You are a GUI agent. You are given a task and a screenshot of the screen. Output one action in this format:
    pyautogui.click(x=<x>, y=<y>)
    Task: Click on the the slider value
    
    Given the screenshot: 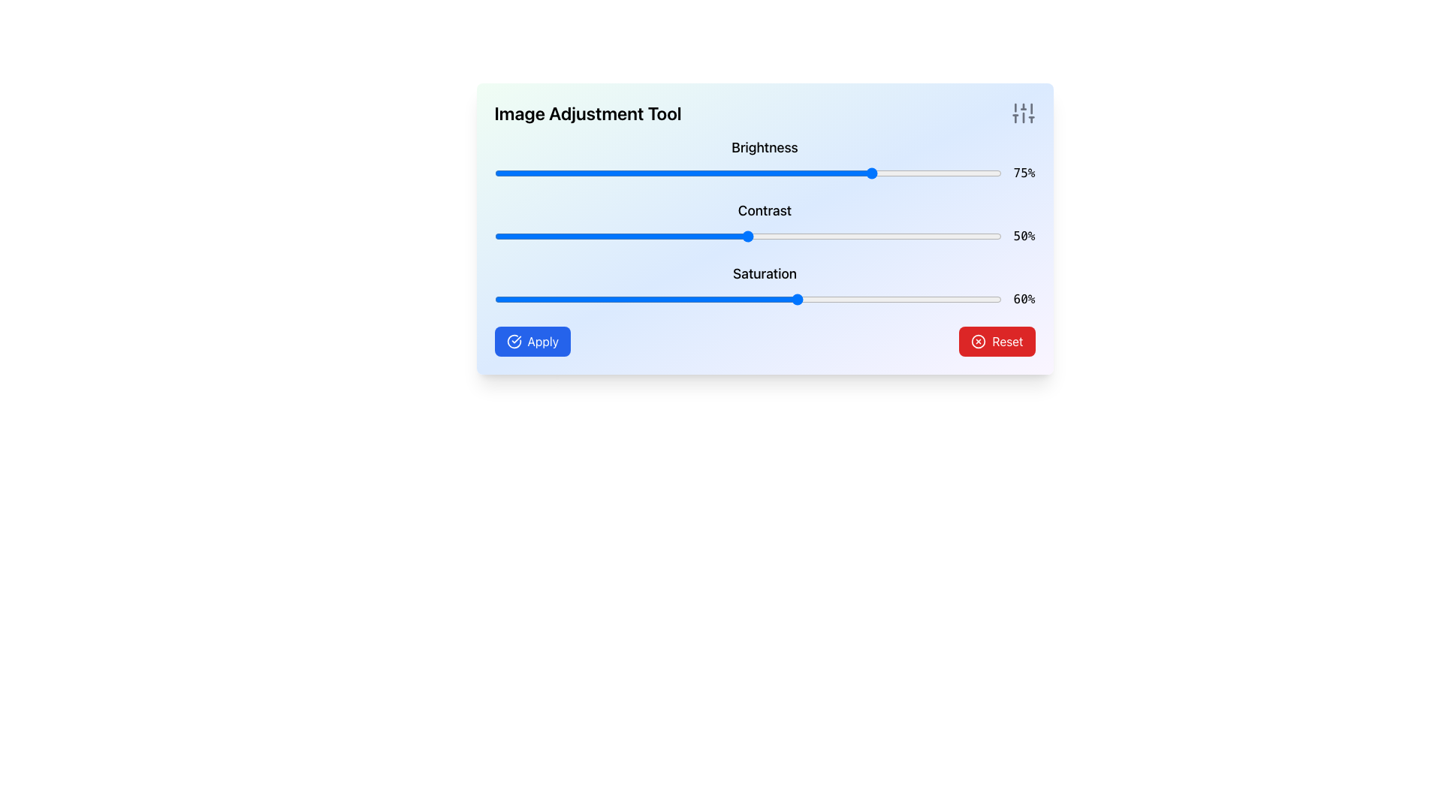 What is the action you would take?
    pyautogui.click(x=529, y=299)
    